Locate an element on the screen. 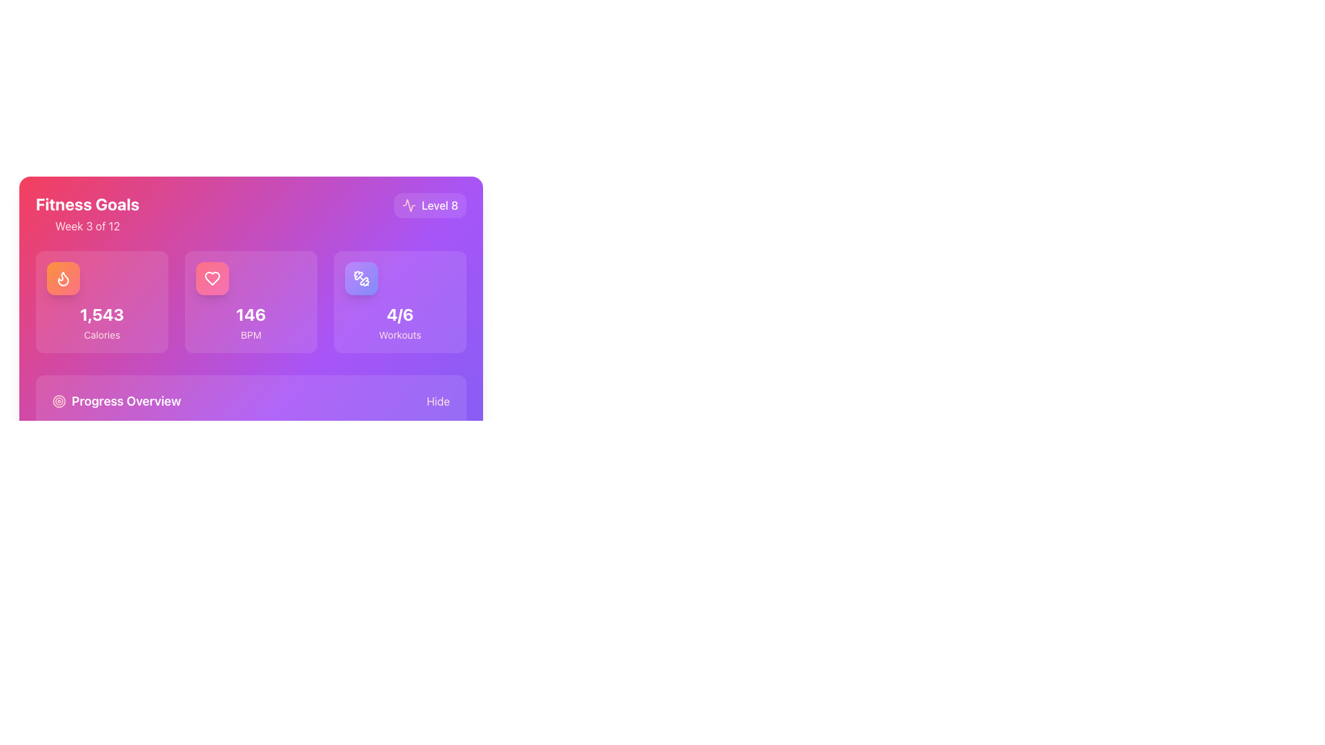  the text element that serves as a label for progress-related information, positioned within a rectangular purple section at the bottom-left corner of the interface, next to a circular target icon is located at coordinates (126, 401).